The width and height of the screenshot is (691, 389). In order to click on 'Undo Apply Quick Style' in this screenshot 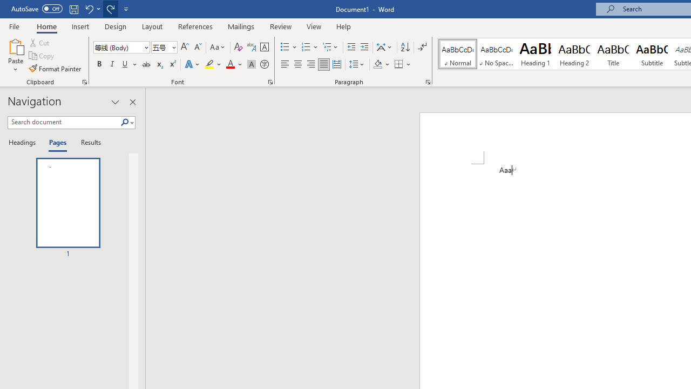, I will do `click(92, 9)`.